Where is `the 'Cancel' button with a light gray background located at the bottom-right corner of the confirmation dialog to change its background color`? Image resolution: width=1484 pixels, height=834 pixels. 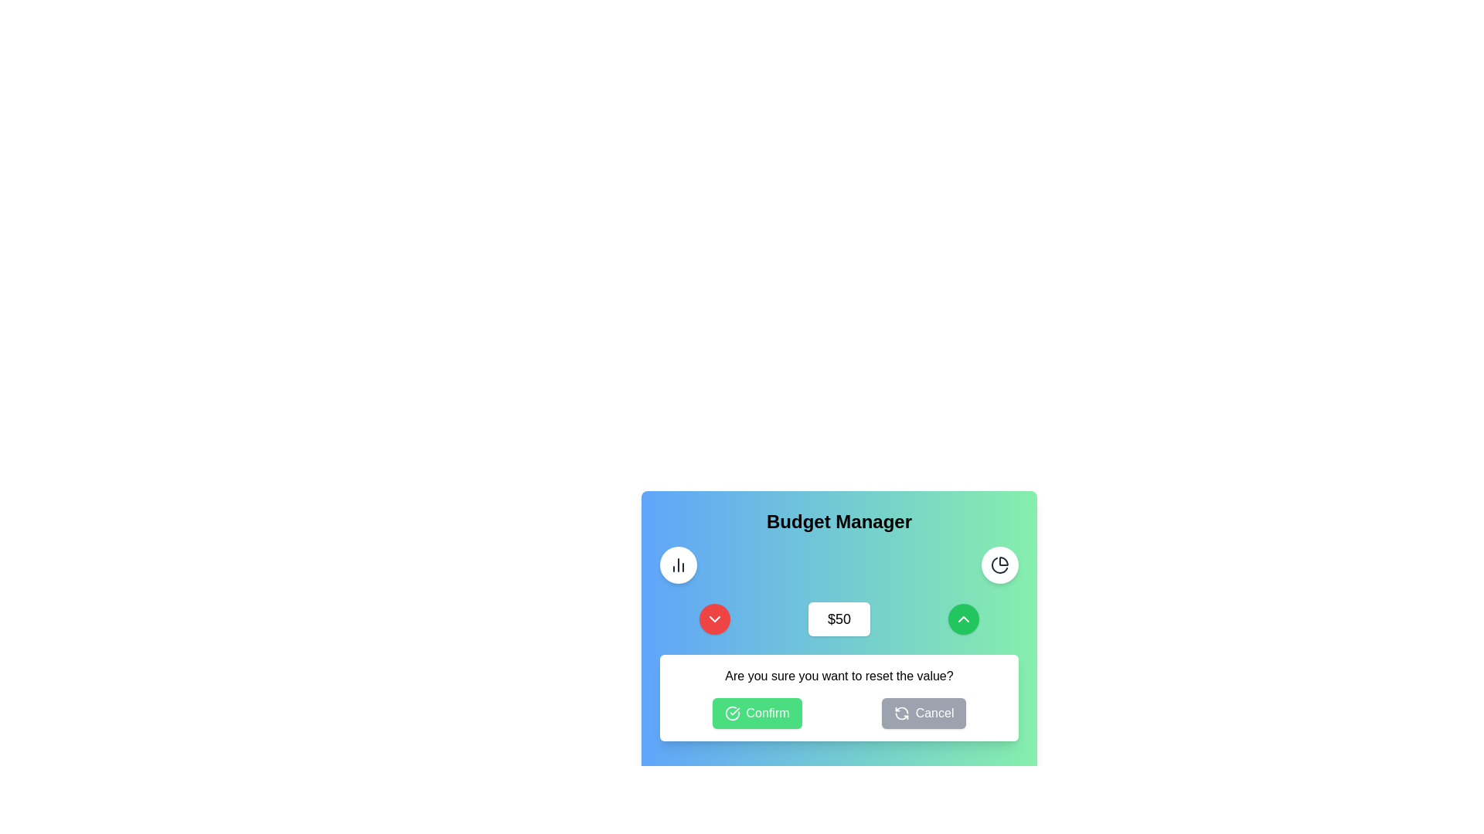
the 'Cancel' button with a light gray background located at the bottom-right corner of the confirmation dialog to change its background color is located at coordinates (924, 714).